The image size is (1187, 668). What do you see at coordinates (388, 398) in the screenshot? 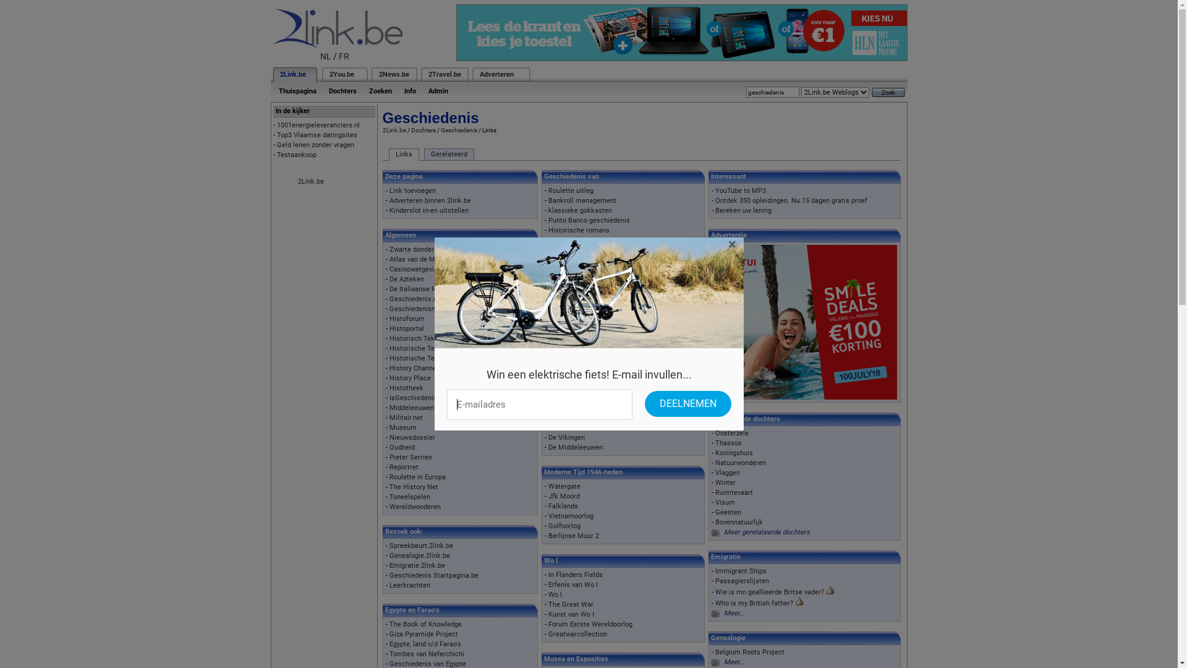
I see `'IsGeschiedenis'` at bounding box center [388, 398].